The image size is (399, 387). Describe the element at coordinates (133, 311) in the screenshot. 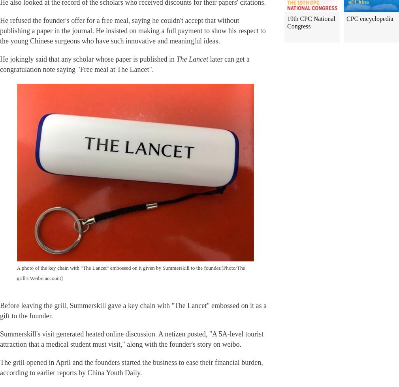

I see `'Before leaving the grill, Summerskill gave a key chain with "The Lancet" embossed on it as a gift to the founder.'` at that location.